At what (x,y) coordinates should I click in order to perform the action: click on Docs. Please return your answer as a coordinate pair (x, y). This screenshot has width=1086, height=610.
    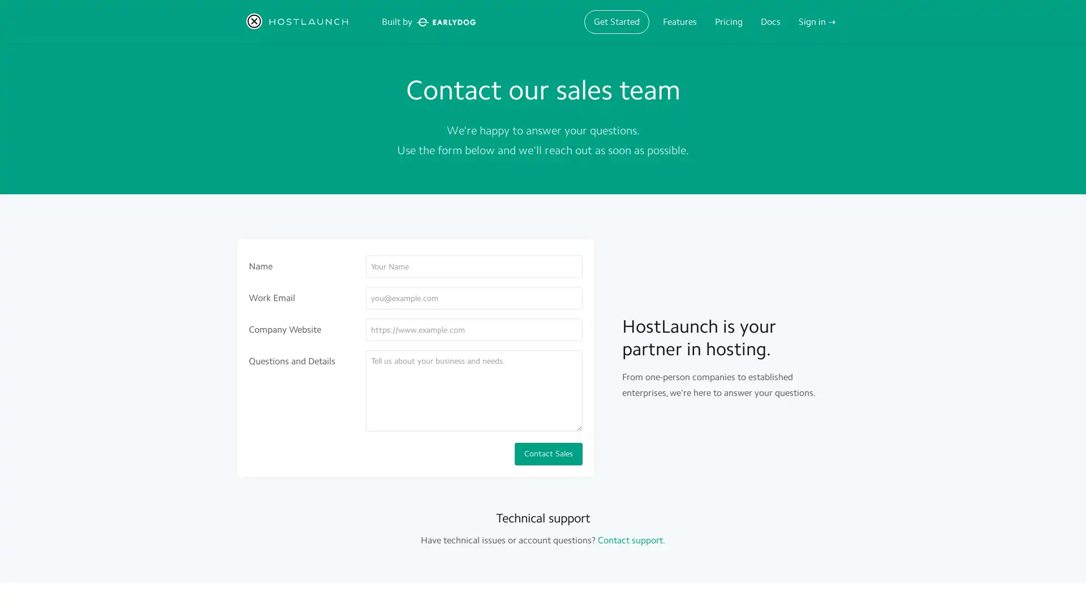
    Looking at the image, I should click on (770, 21).